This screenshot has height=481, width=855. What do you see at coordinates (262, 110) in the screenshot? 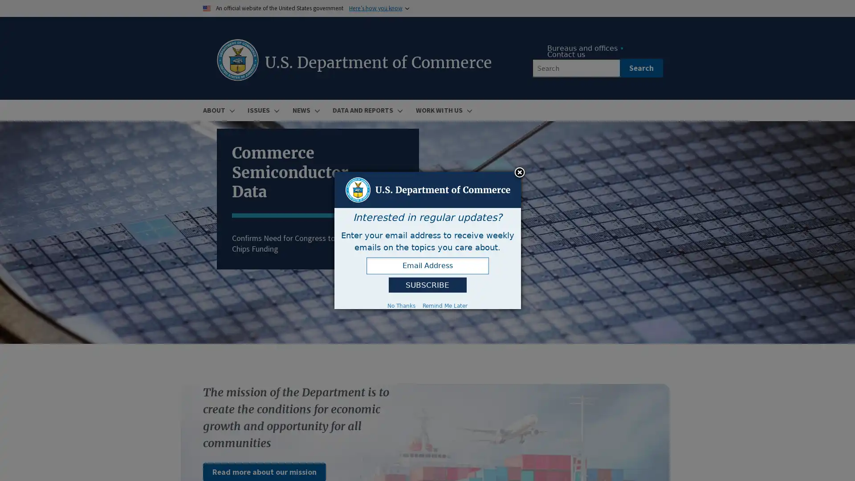
I see `ISSUES` at bounding box center [262, 110].